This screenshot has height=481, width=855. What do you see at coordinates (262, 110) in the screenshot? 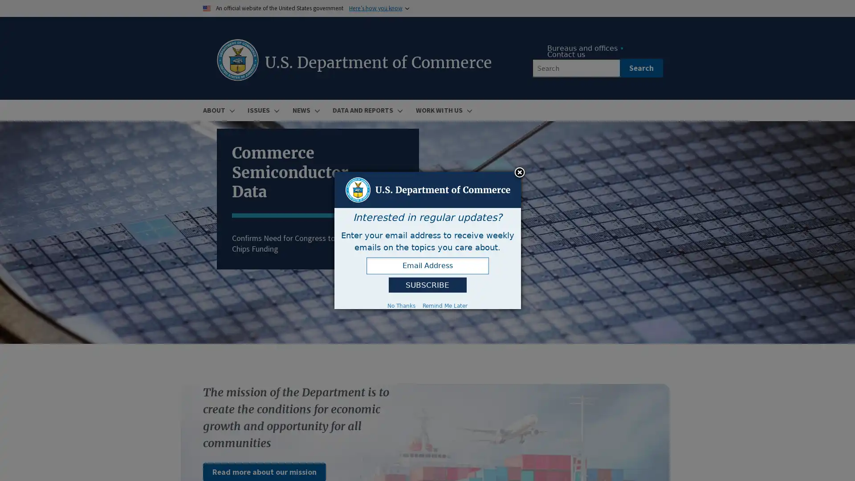
I see `ISSUES` at bounding box center [262, 110].